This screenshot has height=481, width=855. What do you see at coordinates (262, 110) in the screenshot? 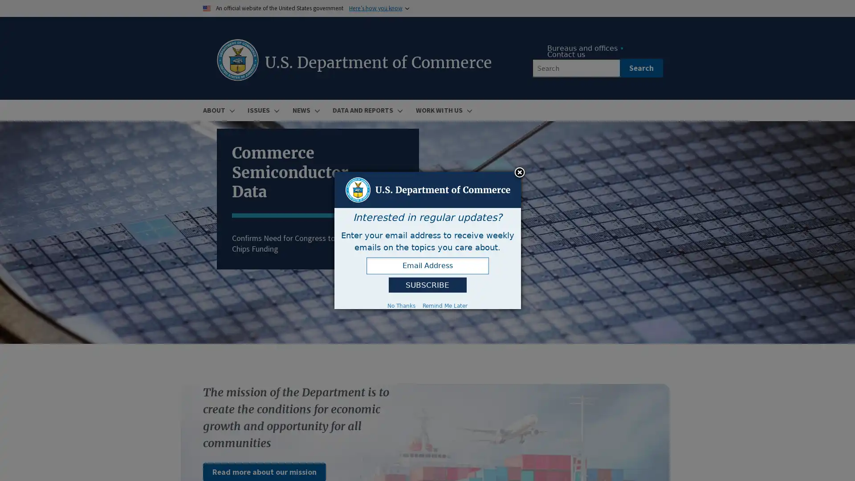
I see `ISSUES` at bounding box center [262, 110].